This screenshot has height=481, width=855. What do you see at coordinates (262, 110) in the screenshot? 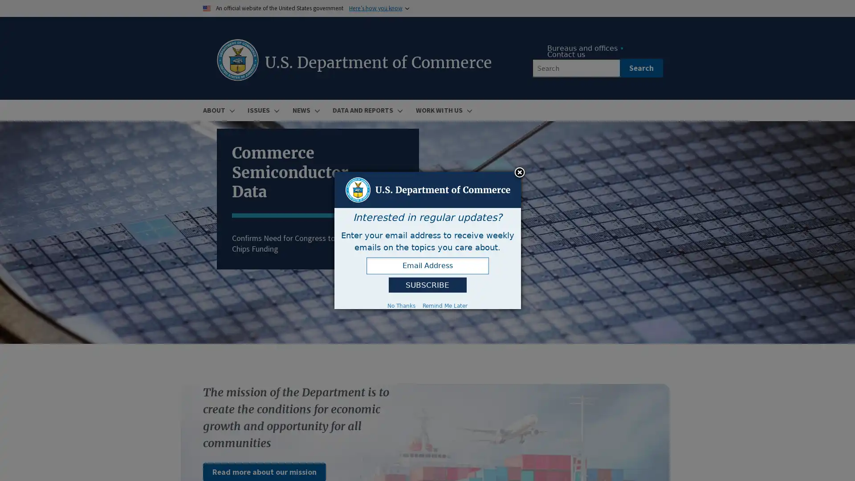
I see `ISSUES` at bounding box center [262, 110].